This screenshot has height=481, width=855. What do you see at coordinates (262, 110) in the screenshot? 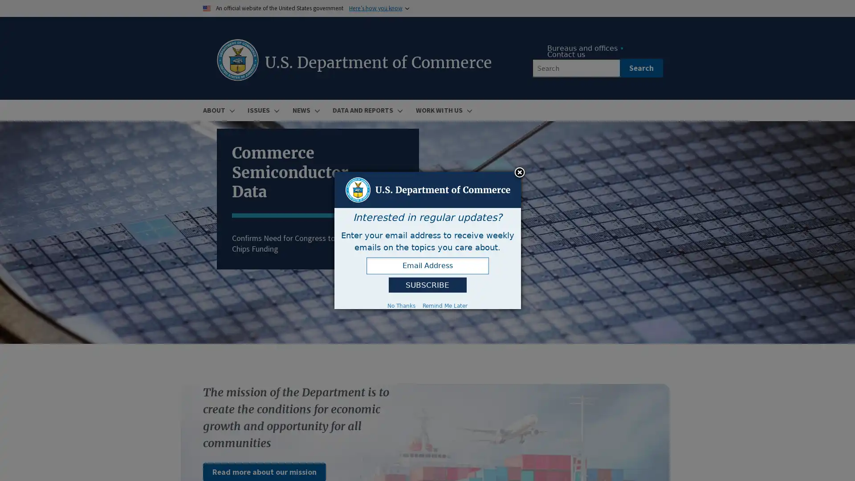
I see `ISSUES` at bounding box center [262, 110].